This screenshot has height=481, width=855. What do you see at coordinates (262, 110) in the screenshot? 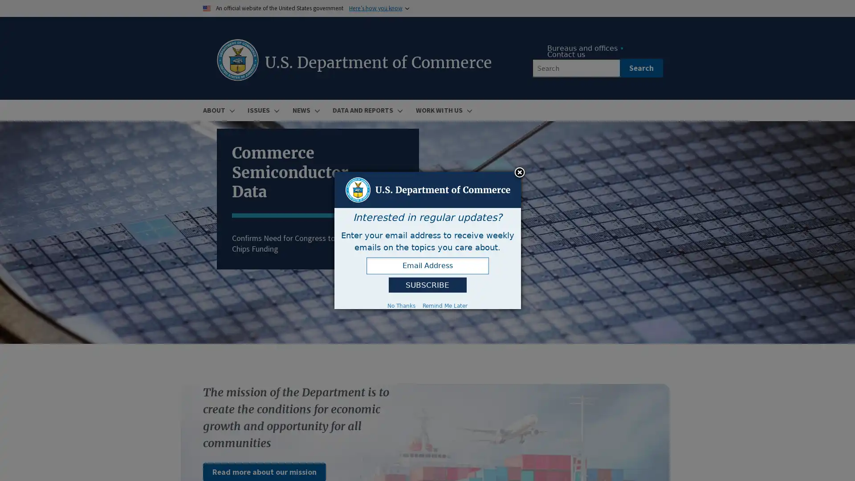
I see `ISSUES` at bounding box center [262, 110].